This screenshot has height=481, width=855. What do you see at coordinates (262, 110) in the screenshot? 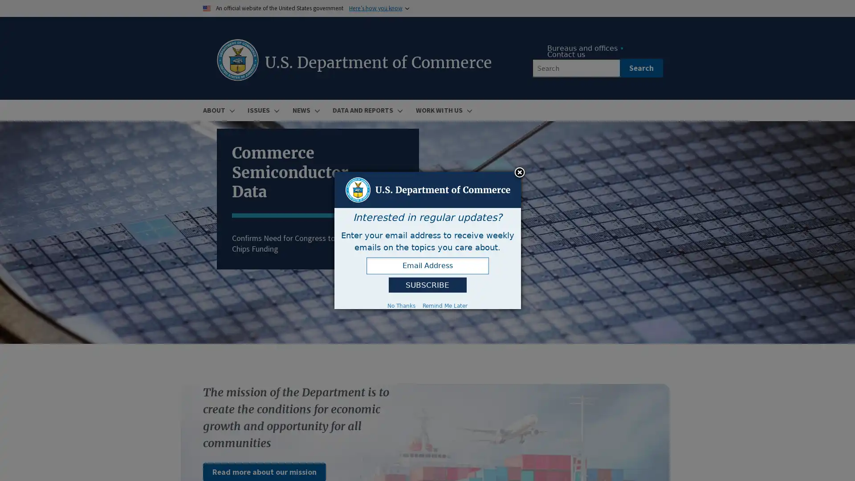
I see `ISSUES` at bounding box center [262, 110].